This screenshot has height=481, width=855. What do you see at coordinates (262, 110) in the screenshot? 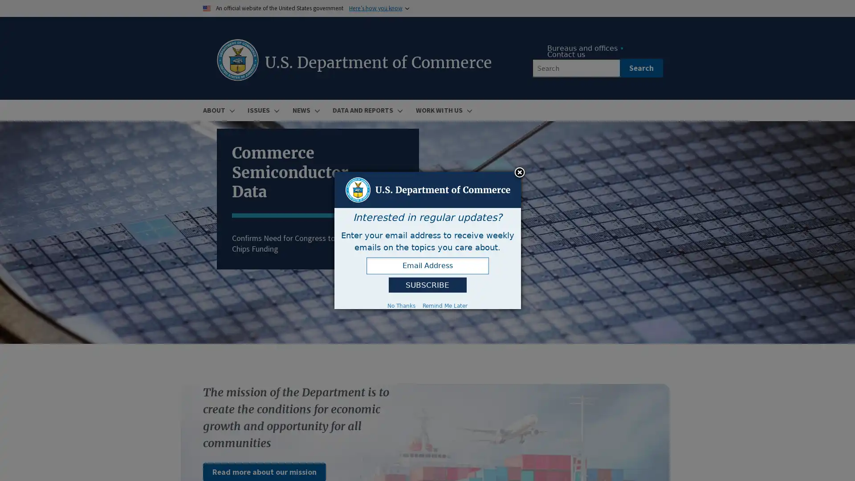
I see `ISSUES` at bounding box center [262, 110].